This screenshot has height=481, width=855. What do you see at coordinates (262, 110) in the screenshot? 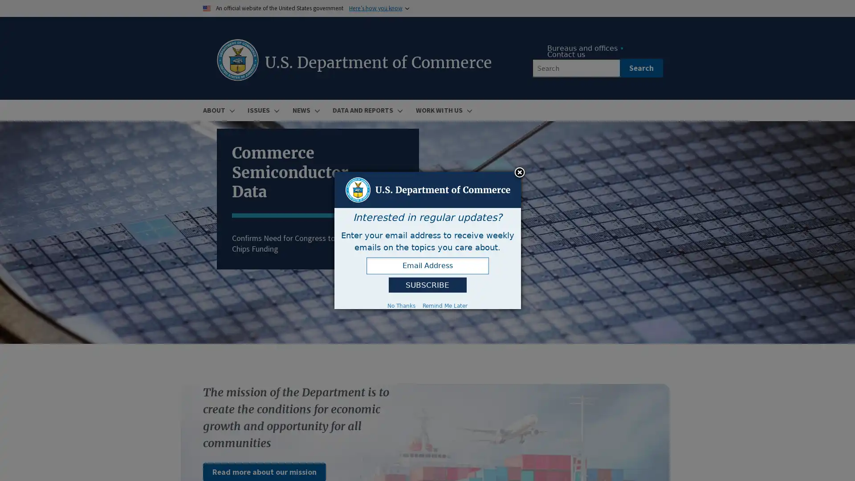
I see `ISSUES` at bounding box center [262, 110].